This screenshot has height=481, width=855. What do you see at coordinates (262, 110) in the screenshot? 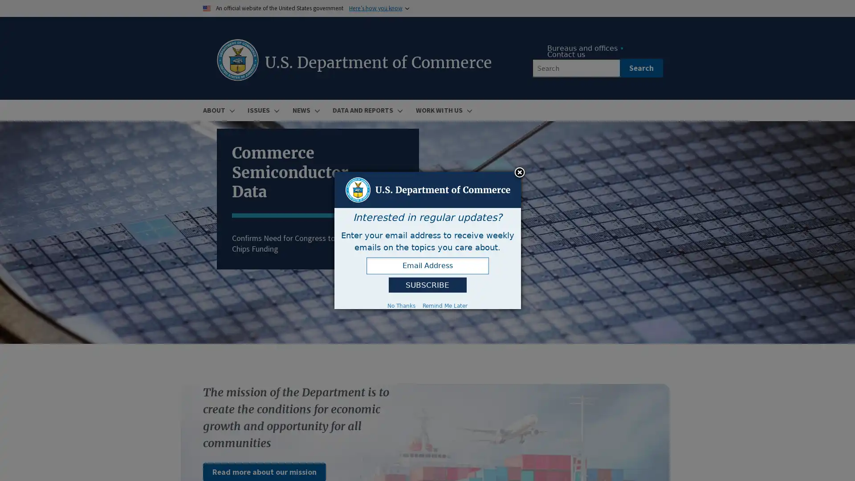
I see `ISSUES` at bounding box center [262, 110].